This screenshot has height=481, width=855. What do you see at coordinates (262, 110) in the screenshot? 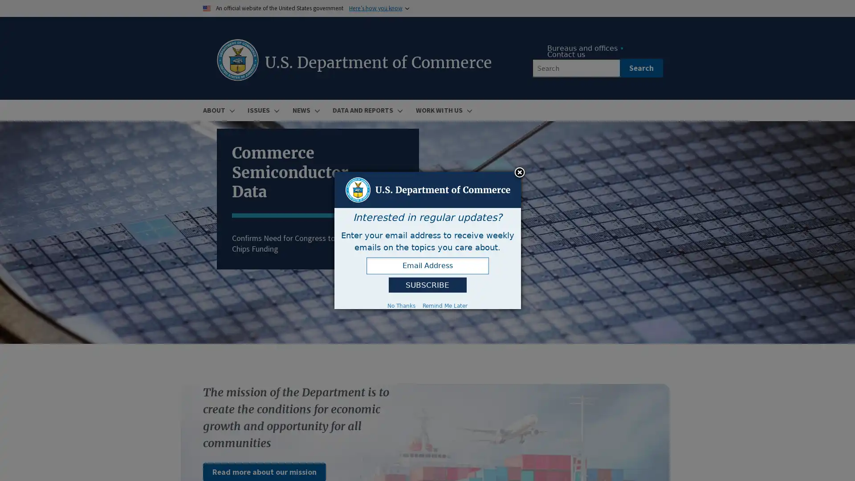
I see `ISSUES` at bounding box center [262, 110].